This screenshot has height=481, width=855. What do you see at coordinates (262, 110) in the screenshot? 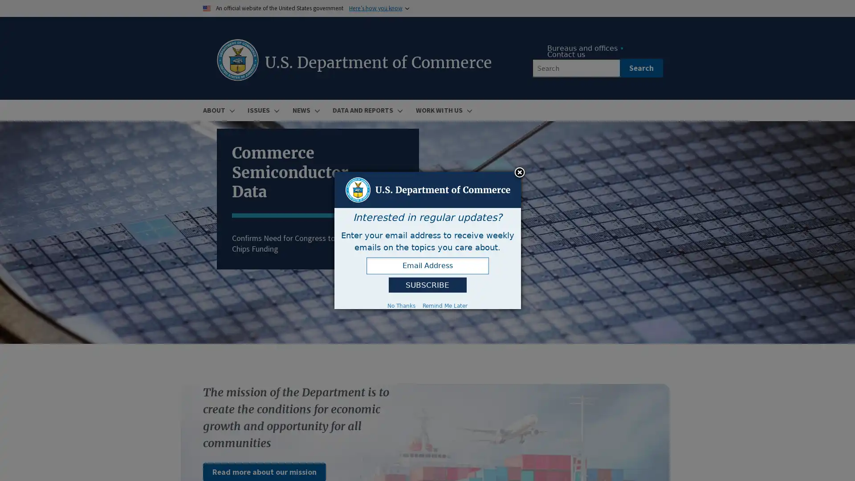
I see `ISSUES` at bounding box center [262, 110].